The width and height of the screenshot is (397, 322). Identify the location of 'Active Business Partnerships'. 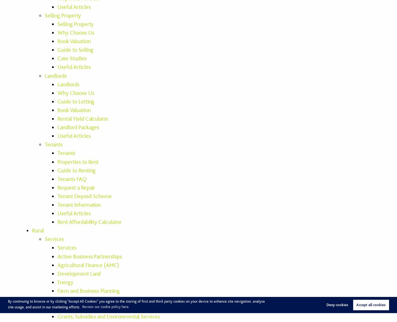
(90, 256).